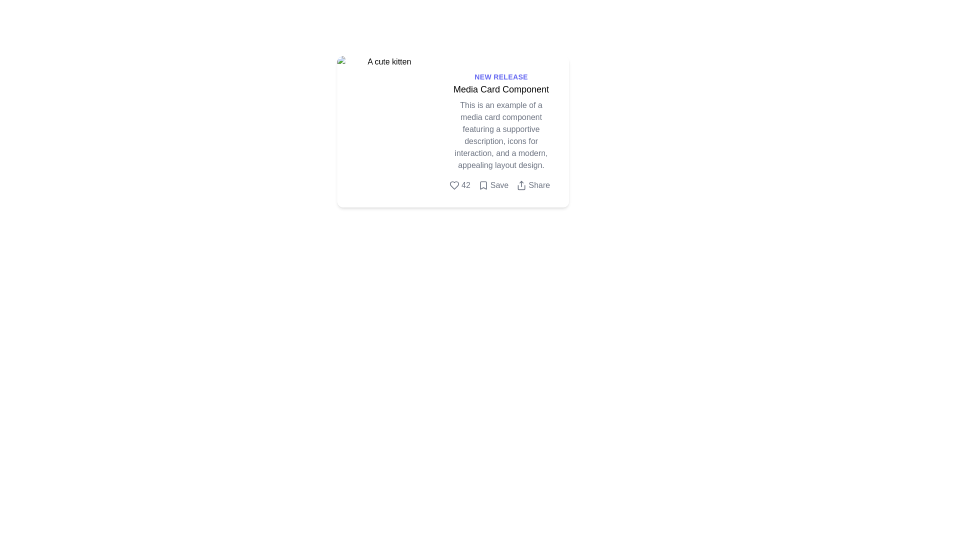 The image size is (961, 540). What do you see at coordinates (459, 185) in the screenshot?
I see `the like button with a heart icon located at the bottom-left corner of the media card` at bounding box center [459, 185].